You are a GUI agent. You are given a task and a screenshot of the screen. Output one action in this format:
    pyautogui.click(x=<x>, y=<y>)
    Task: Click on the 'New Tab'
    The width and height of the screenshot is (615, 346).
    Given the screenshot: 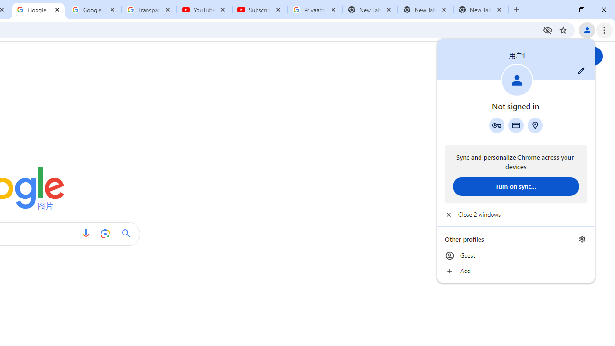 What is the action you would take?
    pyautogui.click(x=480, y=10)
    